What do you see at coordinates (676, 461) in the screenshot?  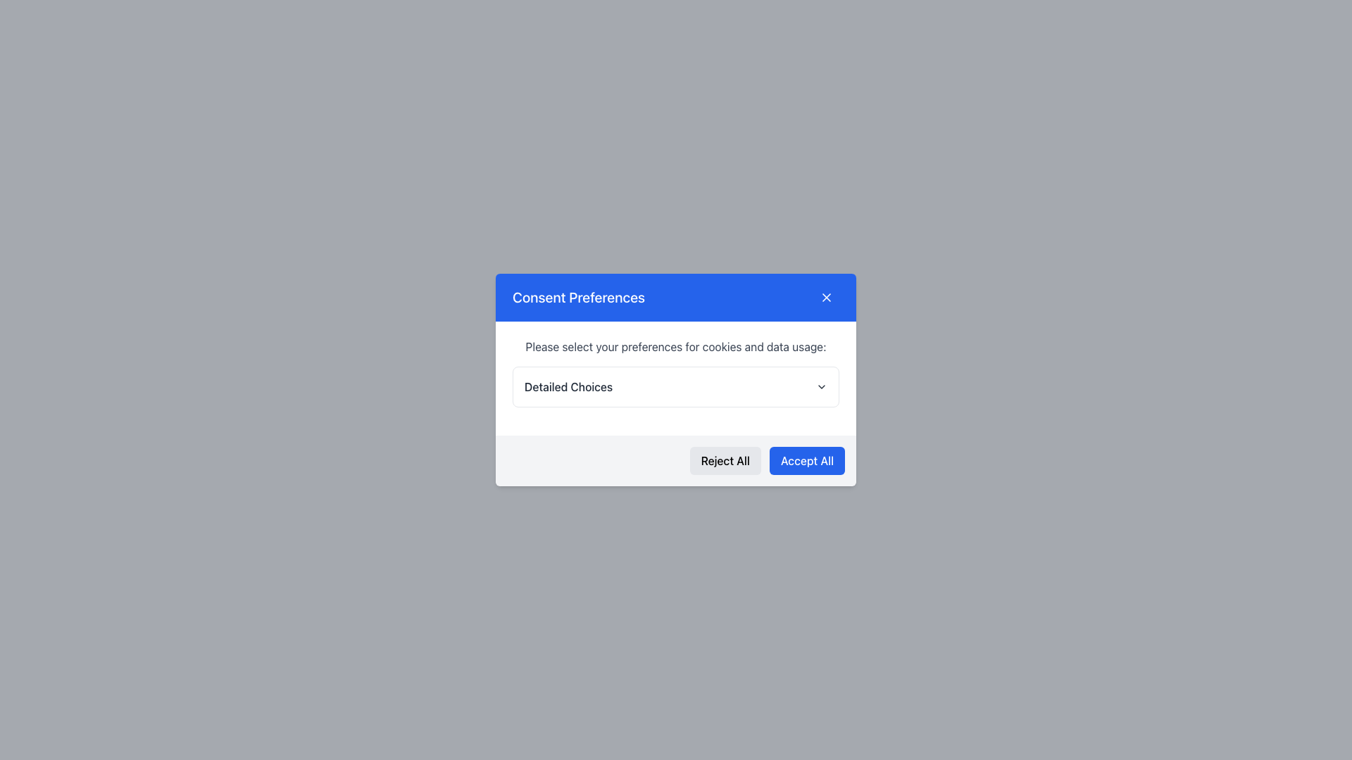 I see `the button group in the bottom section of the 'Consent Preferences' dialog box` at bounding box center [676, 461].